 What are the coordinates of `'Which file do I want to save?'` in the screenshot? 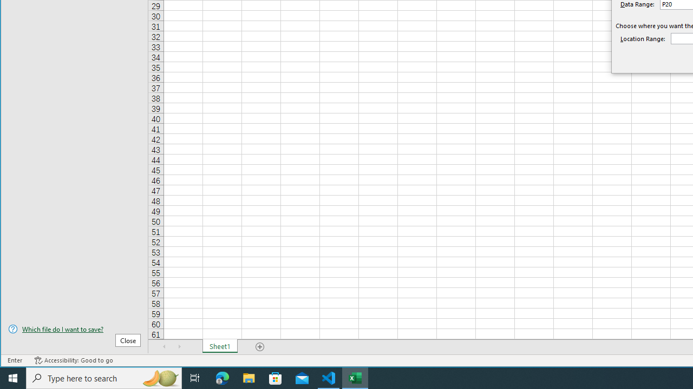 It's located at (74, 328).